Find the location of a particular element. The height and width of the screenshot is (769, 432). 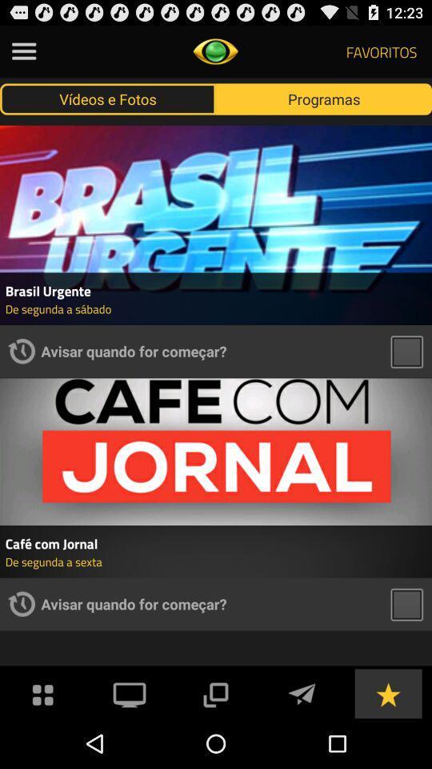

selection square is located at coordinates (406, 351).